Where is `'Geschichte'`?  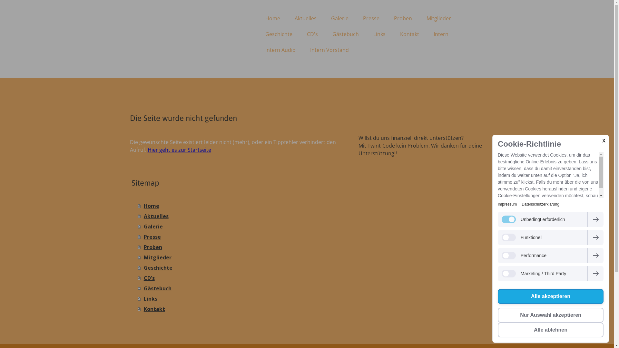 'Geschichte' is located at coordinates (258, 34).